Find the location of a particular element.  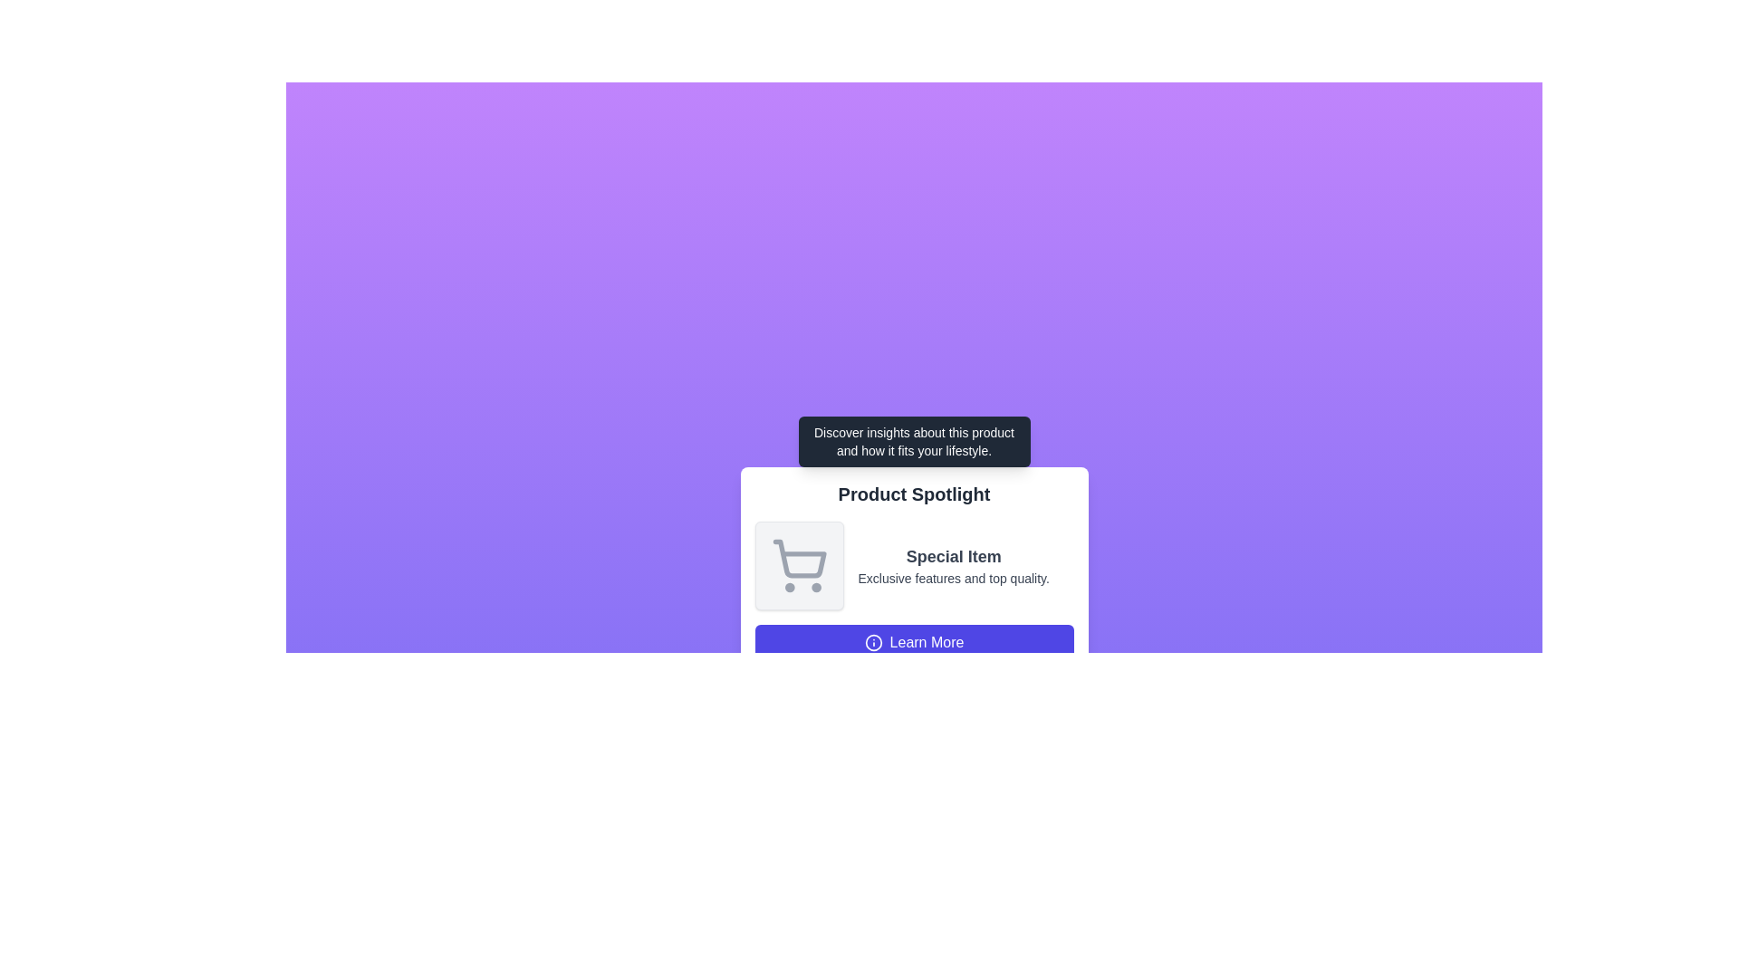

the shopping cart icon, which is a minimalist gray outline with rounded lines and wheels is located at coordinates (798, 564).